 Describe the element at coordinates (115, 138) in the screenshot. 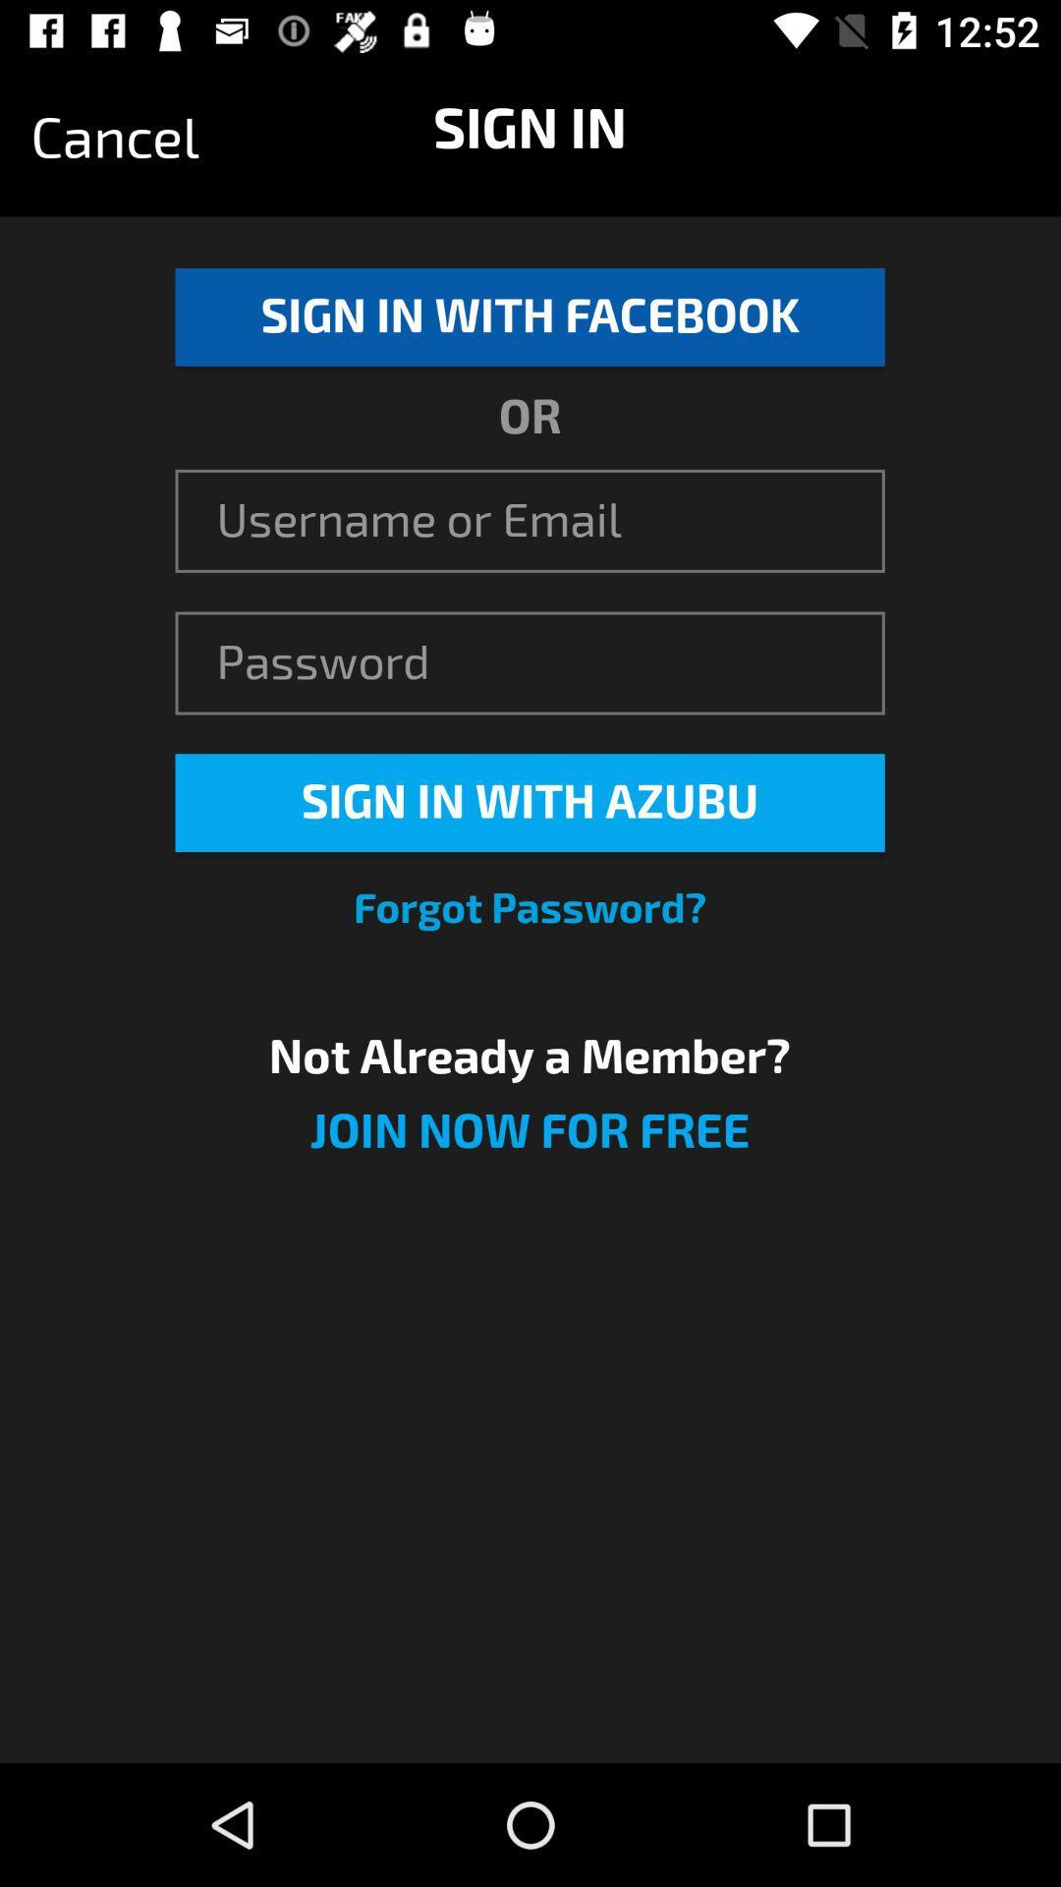

I see `cancel` at that location.